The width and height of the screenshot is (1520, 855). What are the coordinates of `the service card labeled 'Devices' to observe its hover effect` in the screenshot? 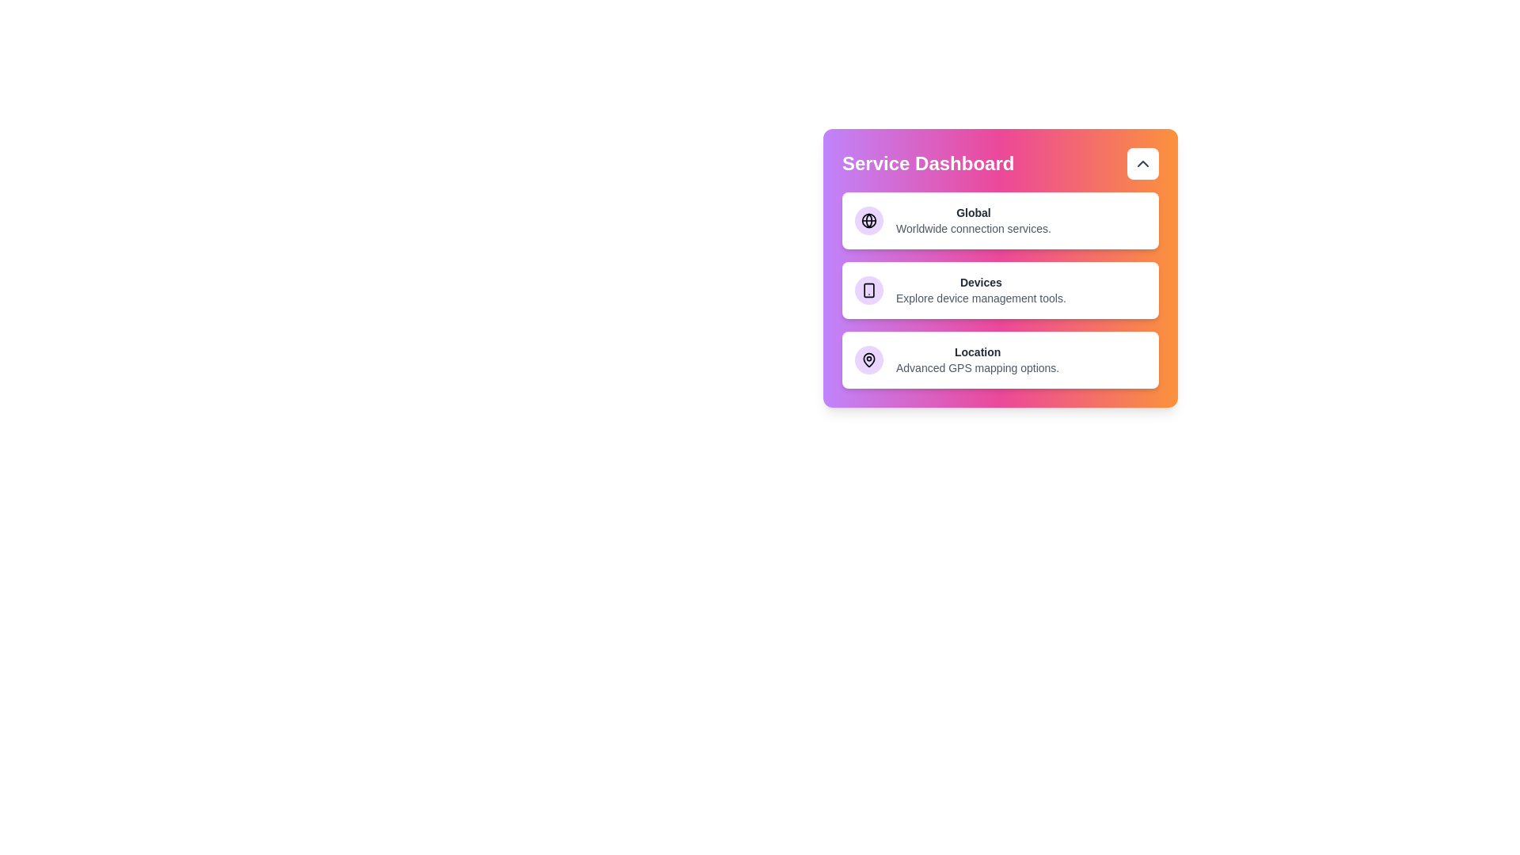 It's located at (999, 290).